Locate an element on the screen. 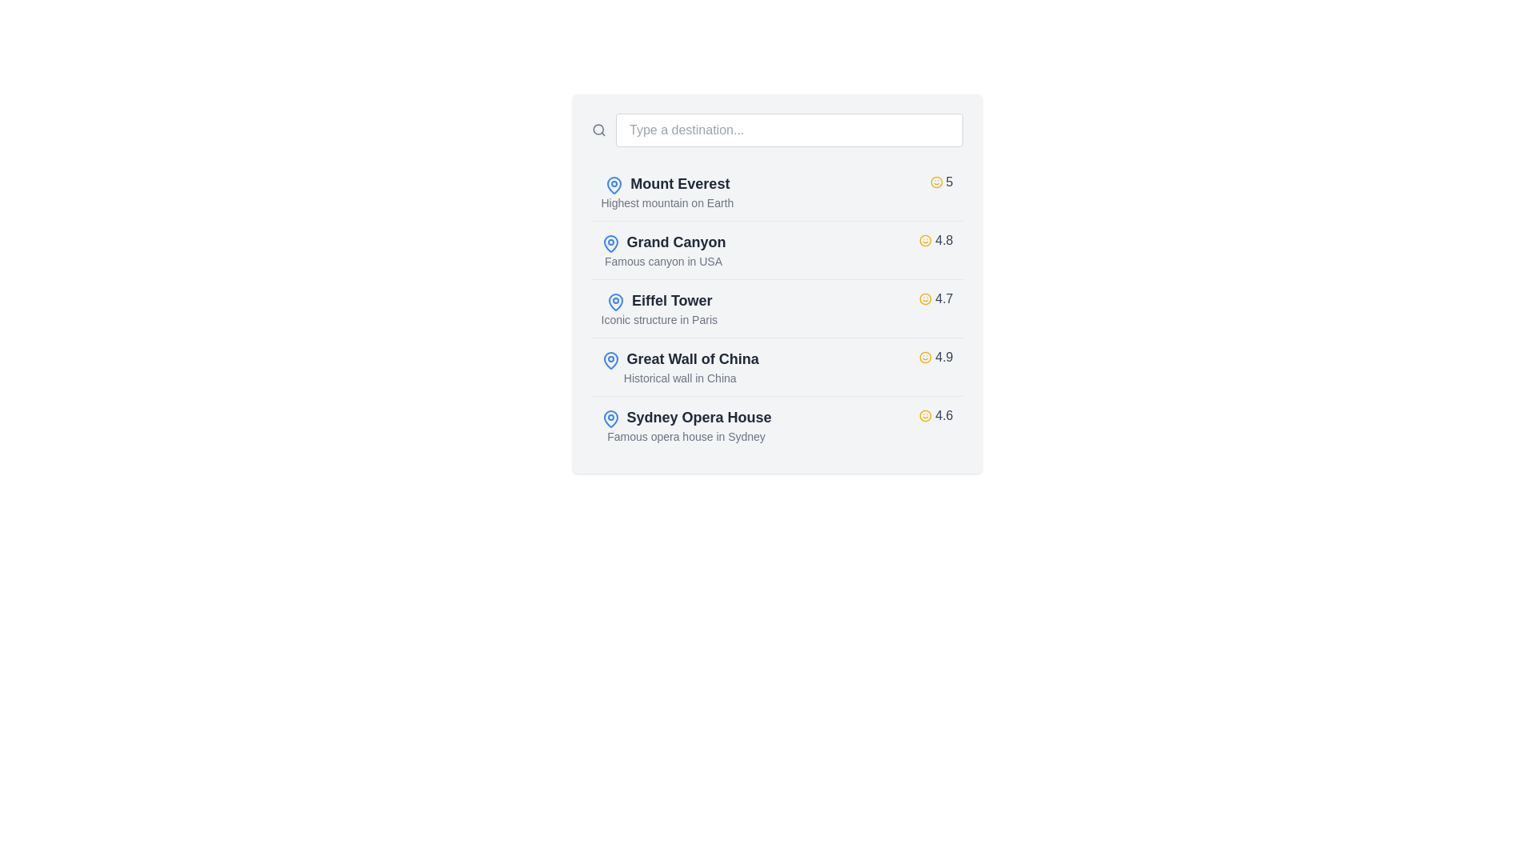 This screenshot has width=1536, height=864. the list item titled 'Eiffel Tower' is located at coordinates (777, 308).